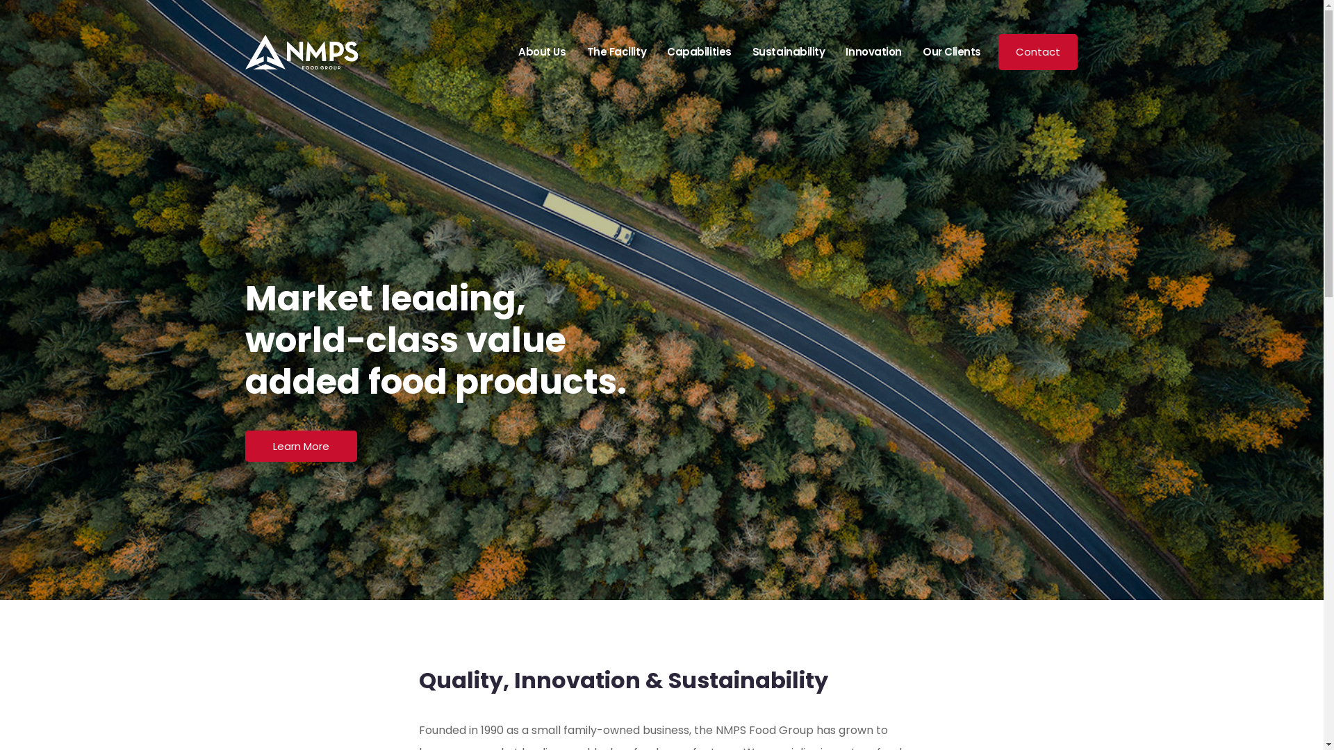  What do you see at coordinates (616, 51) in the screenshot?
I see `'The Facility'` at bounding box center [616, 51].